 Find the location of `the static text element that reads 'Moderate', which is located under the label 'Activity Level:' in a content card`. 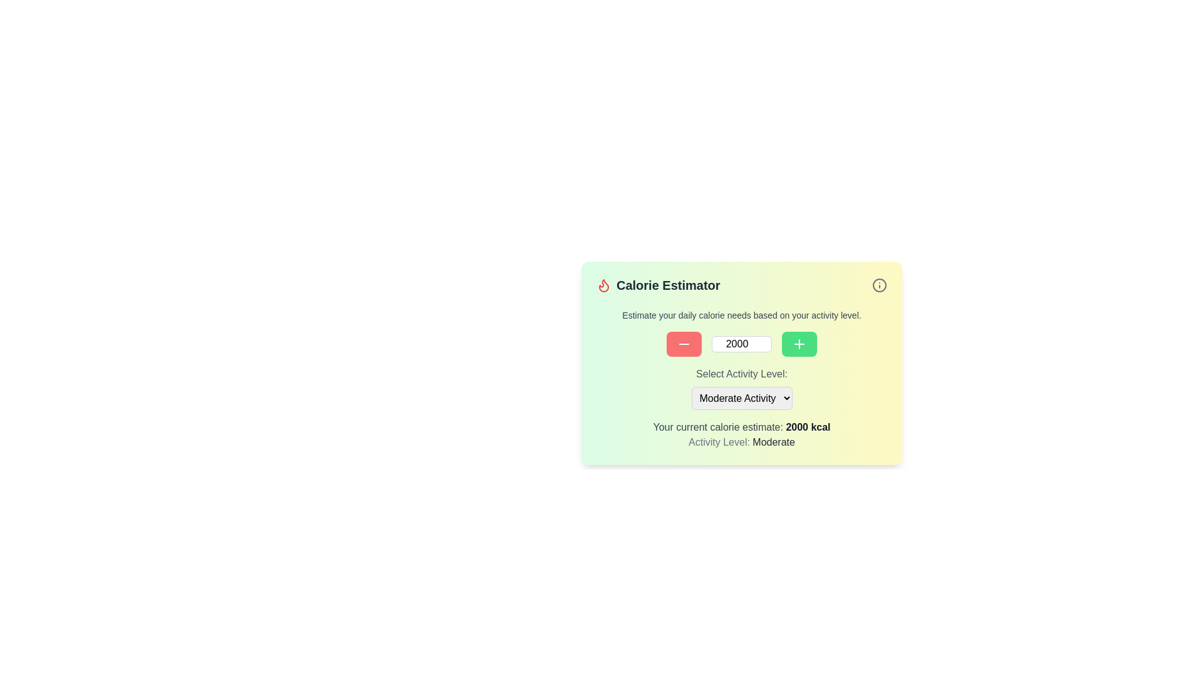

the static text element that reads 'Moderate', which is located under the label 'Activity Level:' in a content card is located at coordinates (773, 441).